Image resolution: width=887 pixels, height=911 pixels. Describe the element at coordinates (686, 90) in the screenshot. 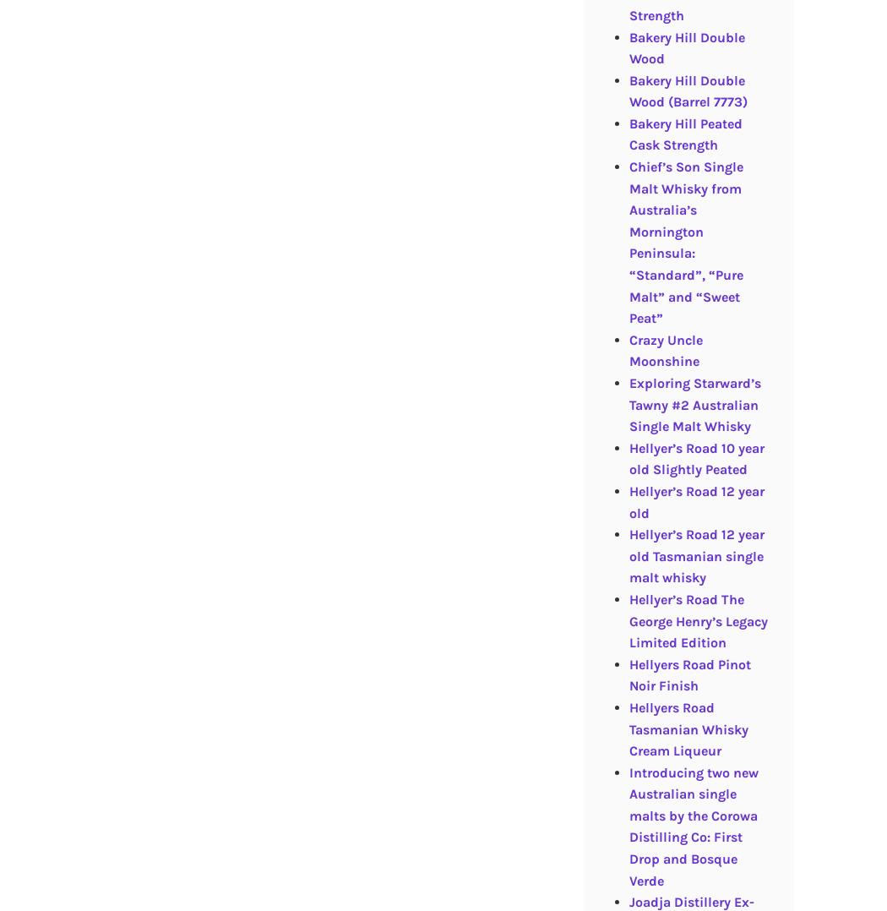

I see `'Bakery Hill Double Wood (Barrel 7773)'` at that location.